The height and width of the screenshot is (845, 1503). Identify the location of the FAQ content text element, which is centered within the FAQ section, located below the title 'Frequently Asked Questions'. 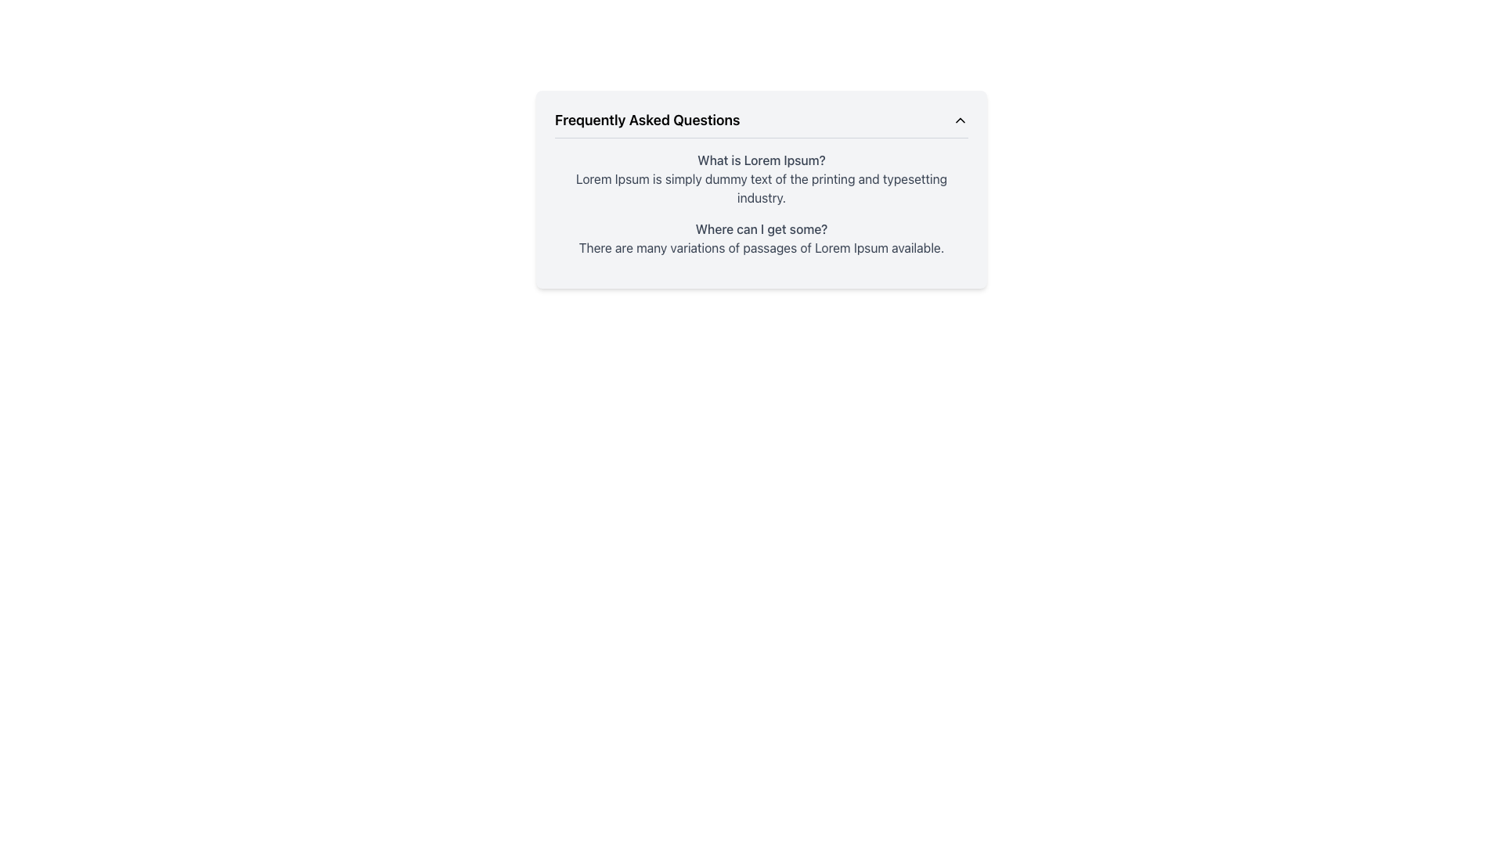
(762, 203).